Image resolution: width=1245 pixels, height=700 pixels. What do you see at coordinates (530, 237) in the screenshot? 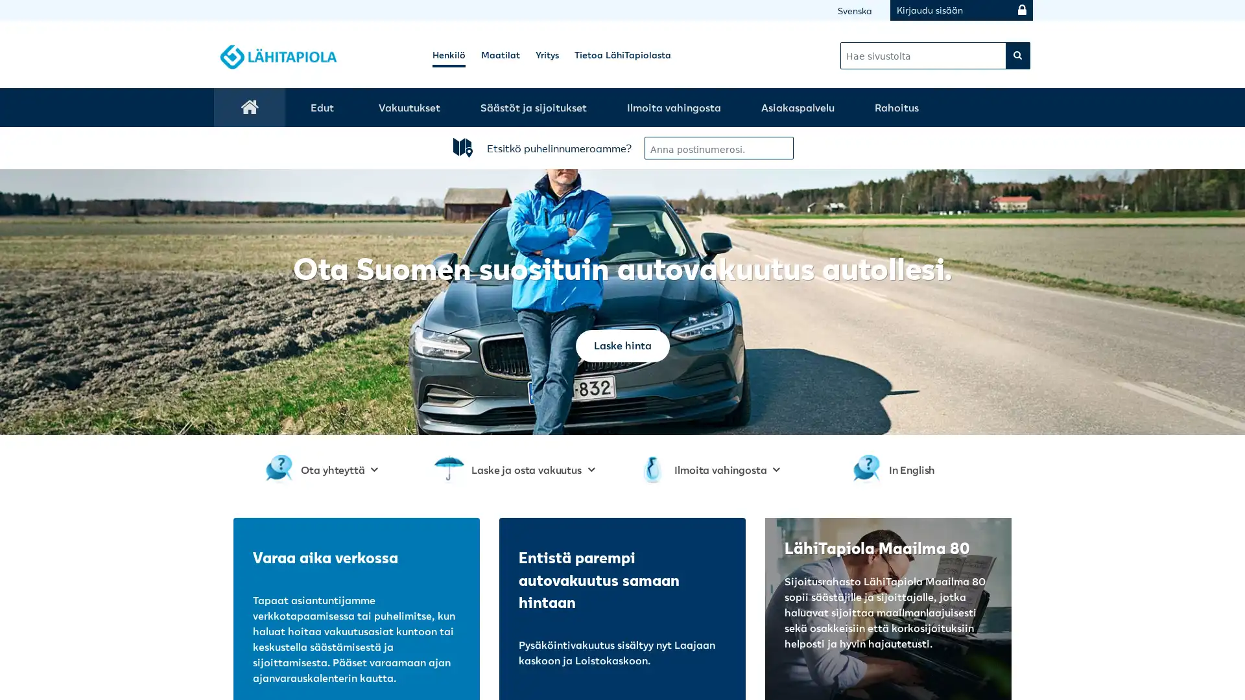
I see `Asetukset` at bounding box center [530, 237].